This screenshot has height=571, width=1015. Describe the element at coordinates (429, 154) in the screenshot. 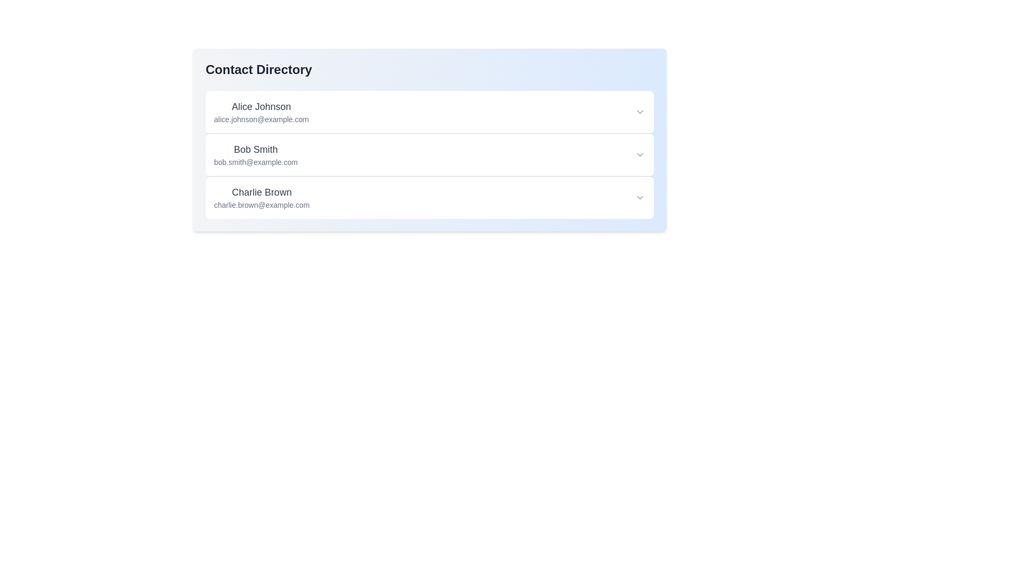

I see `the contact card displaying 'Bob Smith' and 'bob.smith@example.com' which is the second contact entry in the list` at that location.